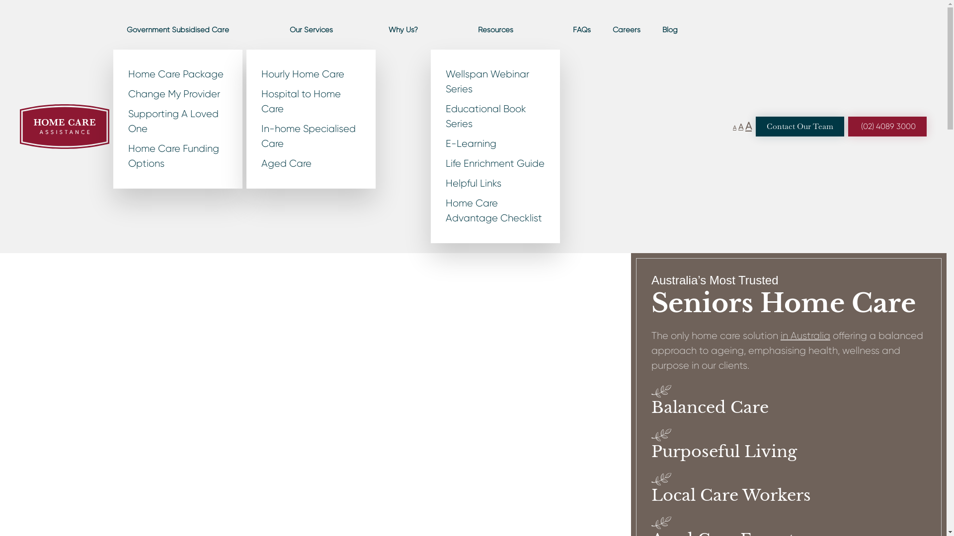 The width and height of the screenshot is (954, 536). Describe the element at coordinates (178, 156) in the screenshot. I see `'Home Care Funding Options'` at that location.